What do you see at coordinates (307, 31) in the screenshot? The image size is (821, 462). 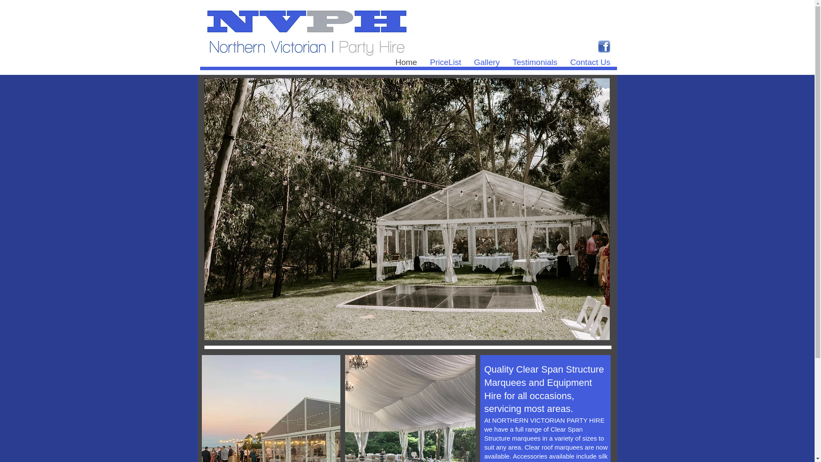 I see `'NVPH party hire marquee tables chairs, equipment rental logo'` at bounding box center [307, 31].